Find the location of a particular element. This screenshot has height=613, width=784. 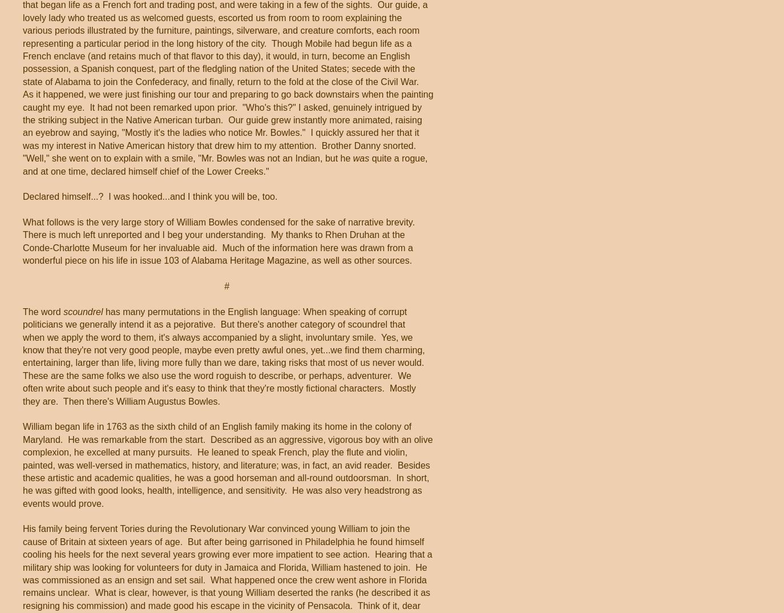

'#' is located at coordinates (228, 286).